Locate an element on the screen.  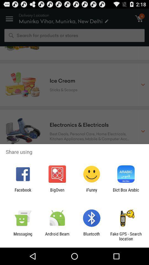
the item next to messaging item is located at coordinates (57, 236).